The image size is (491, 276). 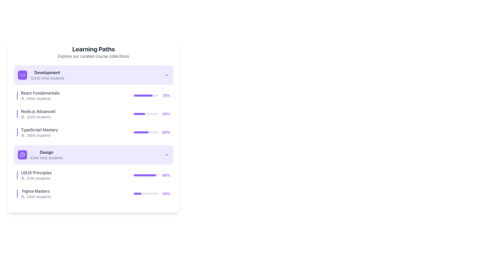 I want to click on the small triangular toggle icon located in the top-right corner of the 'Development' section header, which is styled in gray and indicates inactive importance, so click(x=167, y=75).